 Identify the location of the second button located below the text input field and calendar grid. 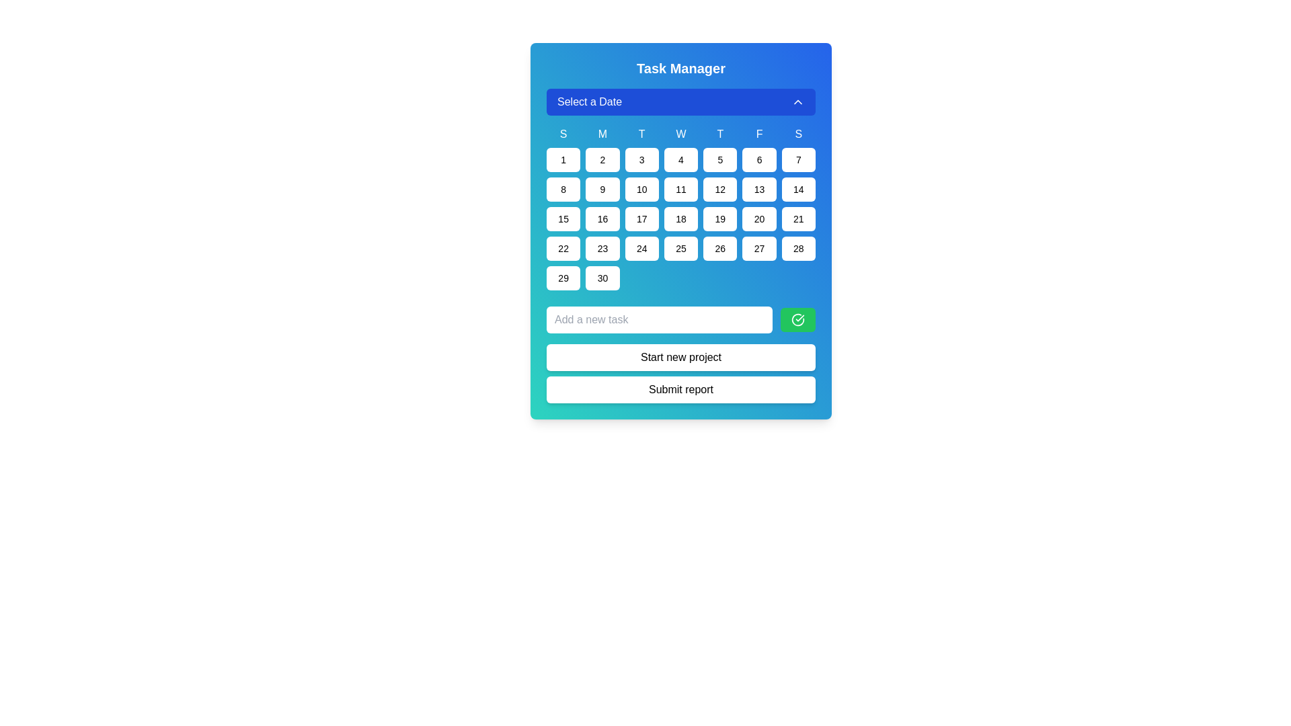
(680, 389).